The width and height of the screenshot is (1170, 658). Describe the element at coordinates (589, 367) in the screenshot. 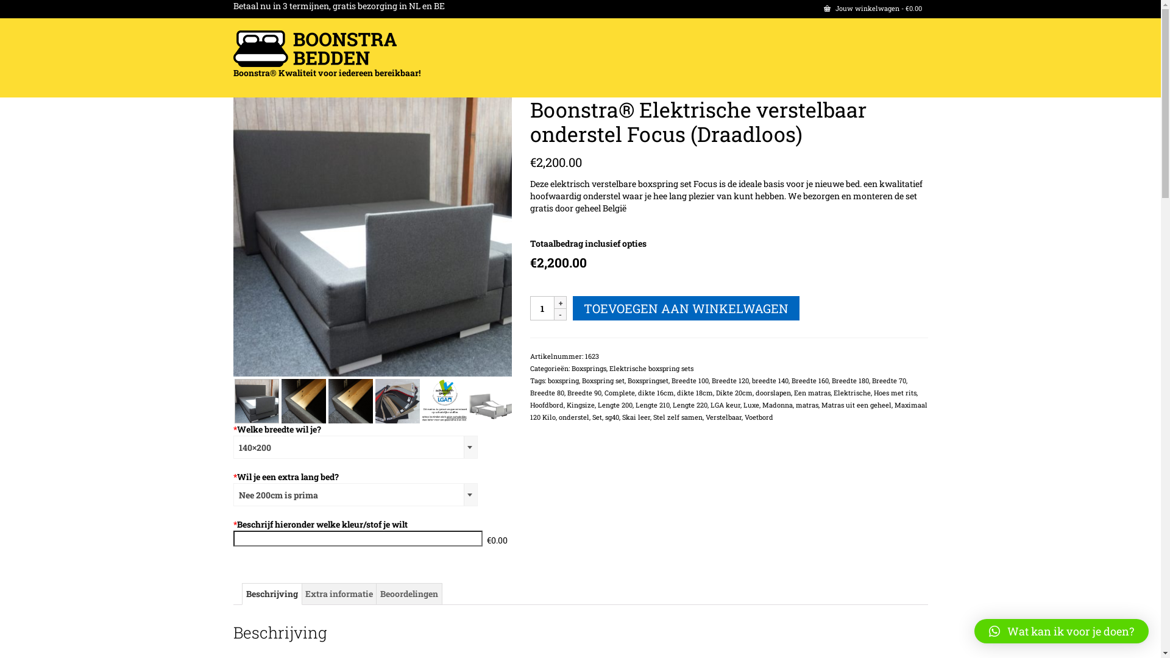

I see `'Boxsprings'` at that location.